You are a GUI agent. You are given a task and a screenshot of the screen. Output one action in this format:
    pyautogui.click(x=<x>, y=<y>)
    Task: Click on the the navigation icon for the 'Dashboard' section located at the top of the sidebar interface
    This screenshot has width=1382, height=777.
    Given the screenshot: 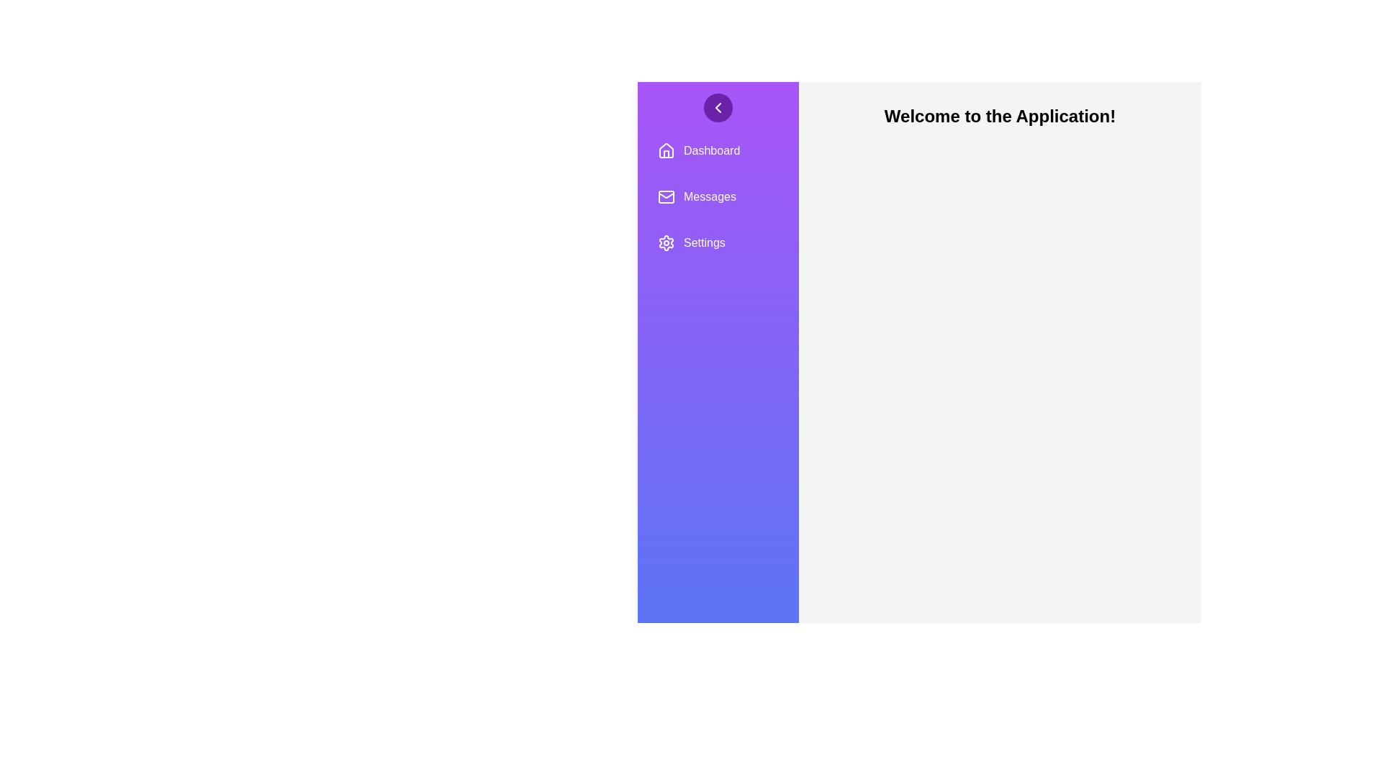 What is the action you would take?
    pyautogui.click(x=666, y=150)
    